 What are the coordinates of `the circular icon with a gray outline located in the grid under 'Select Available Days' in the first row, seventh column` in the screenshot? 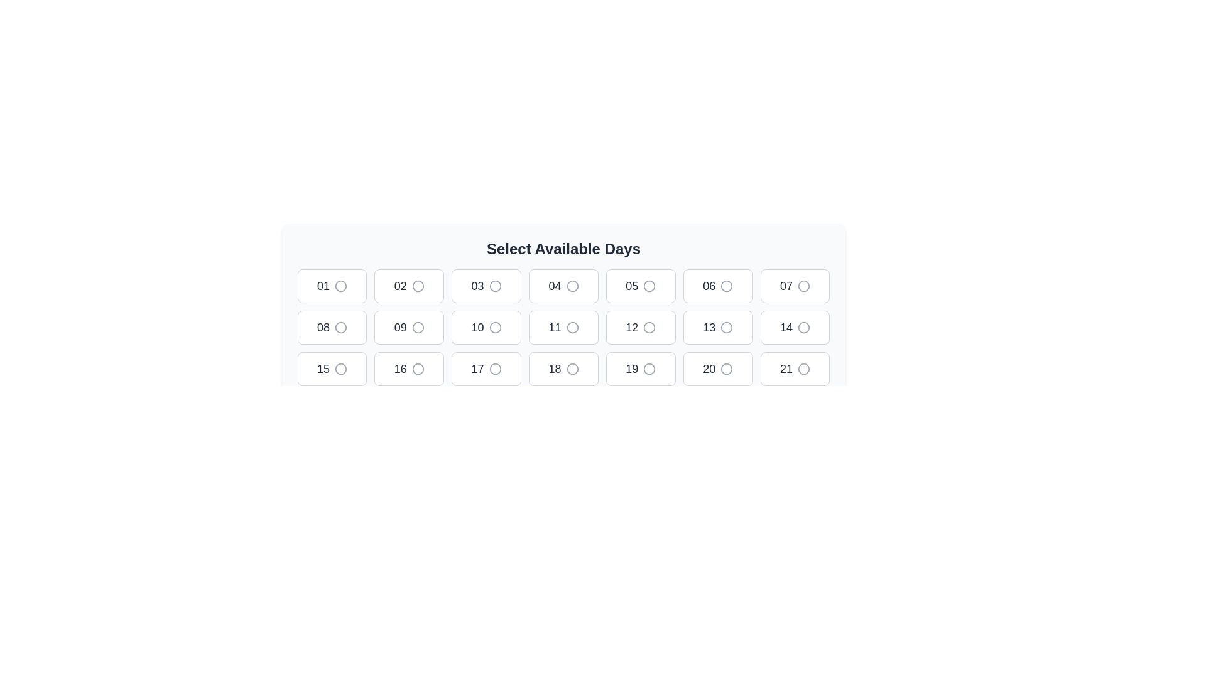 It's located at (804, 286).